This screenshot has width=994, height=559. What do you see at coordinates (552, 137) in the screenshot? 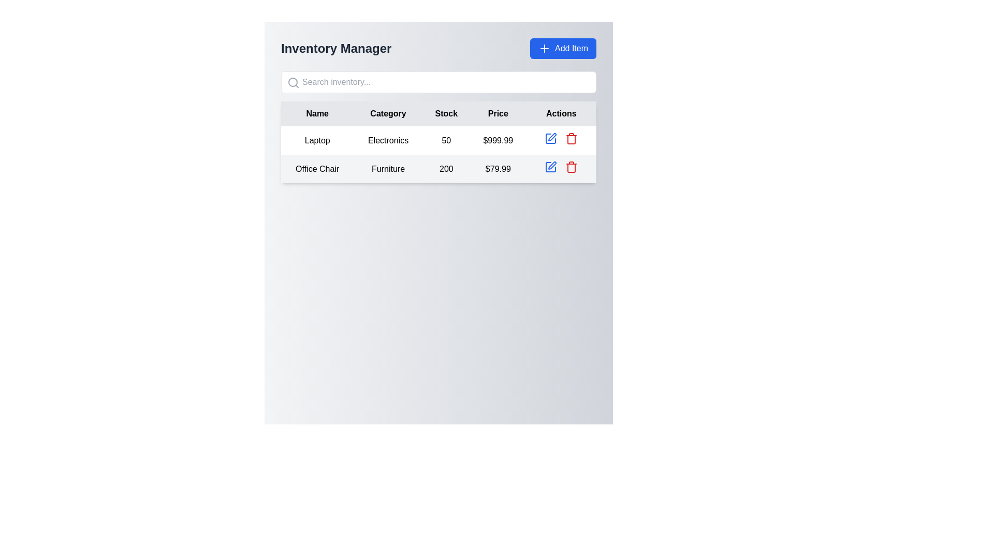
I see `the edit icon button located in the 'Actions' column of the second row for the 'Office Chair' entry to initiate the edit action` at bounding box center [552, 137].